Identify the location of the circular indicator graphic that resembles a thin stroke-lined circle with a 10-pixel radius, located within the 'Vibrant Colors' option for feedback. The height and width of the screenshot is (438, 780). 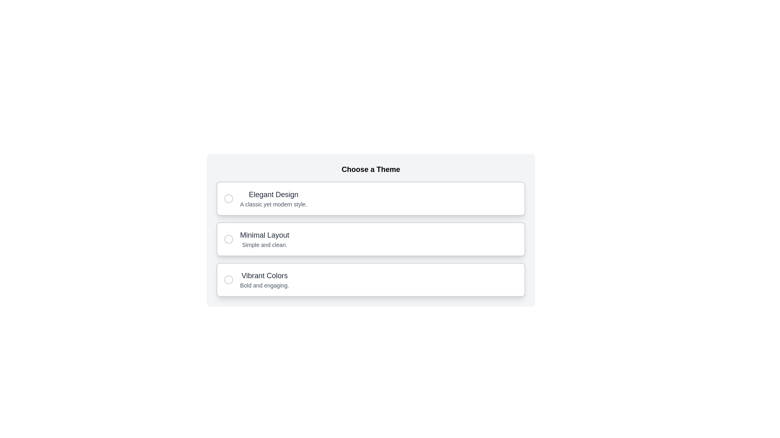
(228, 279).